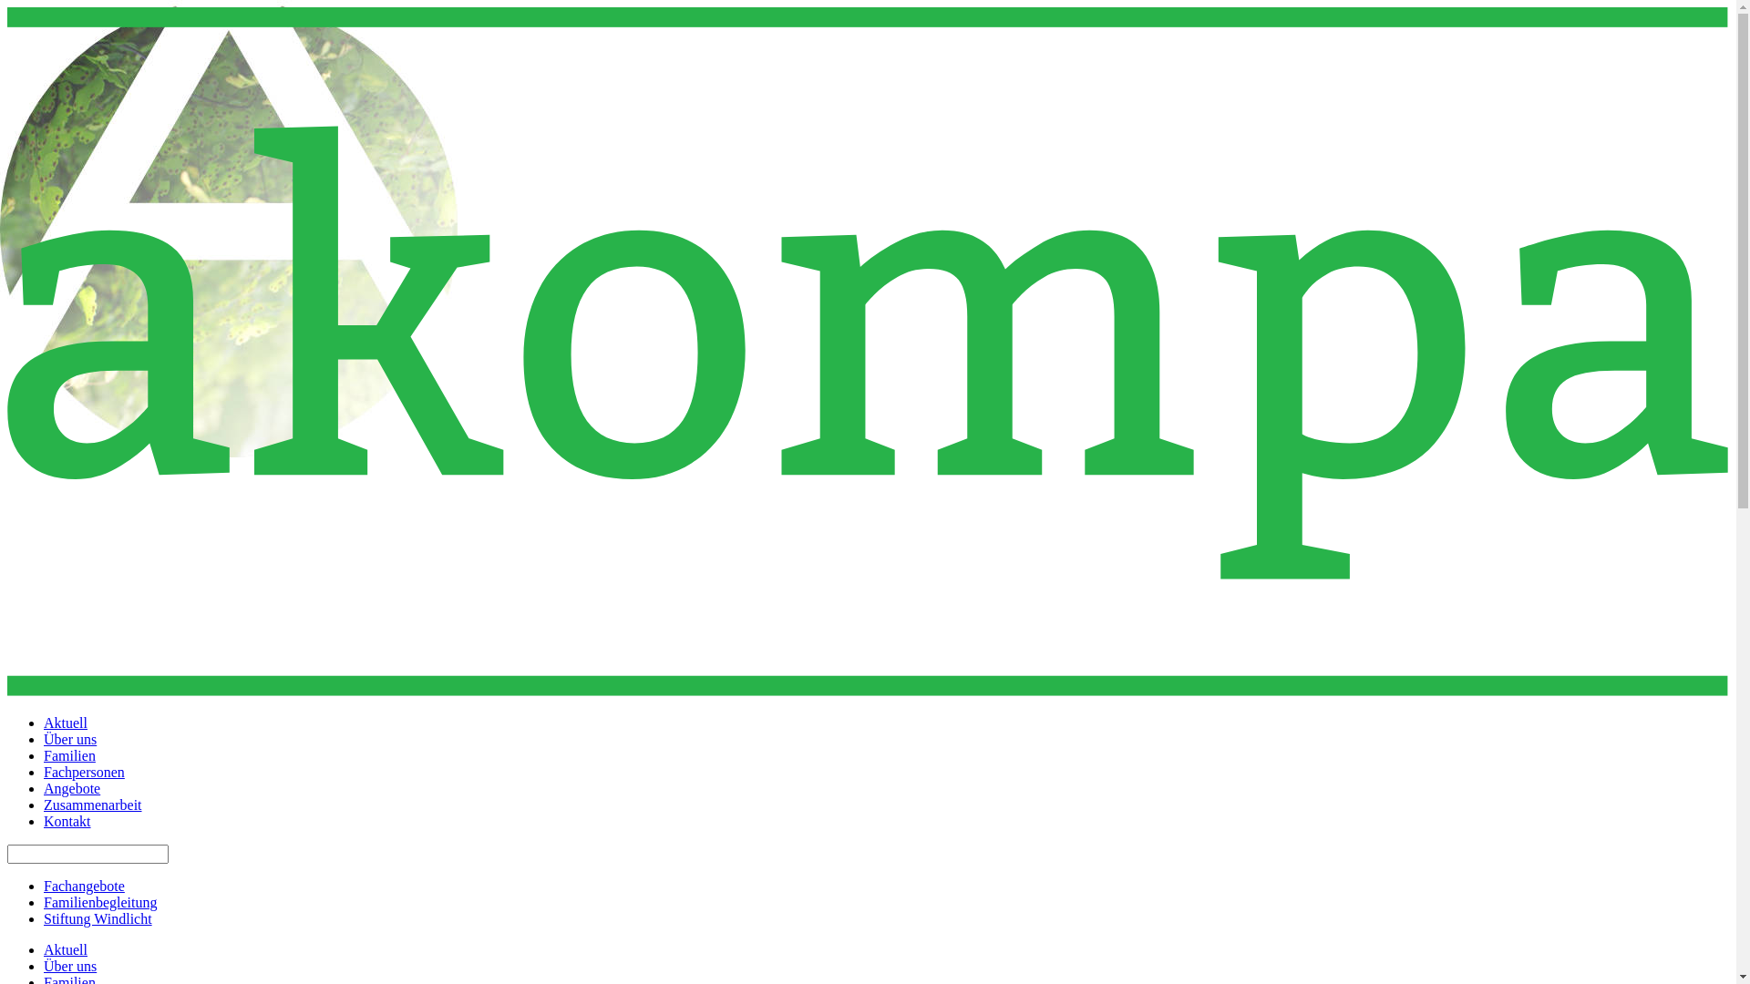  I want to click on 'Aktuell', so click(66, 948).